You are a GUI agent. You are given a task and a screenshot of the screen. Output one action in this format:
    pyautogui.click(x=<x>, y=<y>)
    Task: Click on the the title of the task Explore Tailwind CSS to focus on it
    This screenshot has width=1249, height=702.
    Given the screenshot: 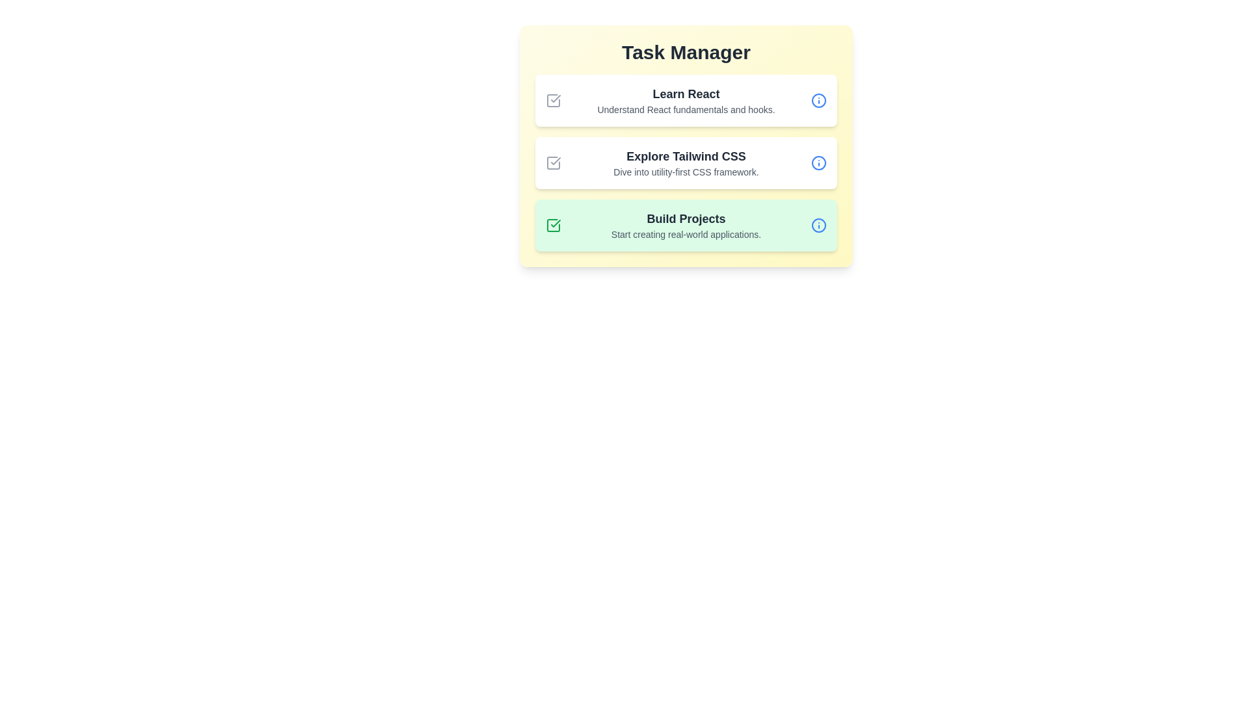 What is the action you would take?
    pyautogui.click(x=686, y=155)
    